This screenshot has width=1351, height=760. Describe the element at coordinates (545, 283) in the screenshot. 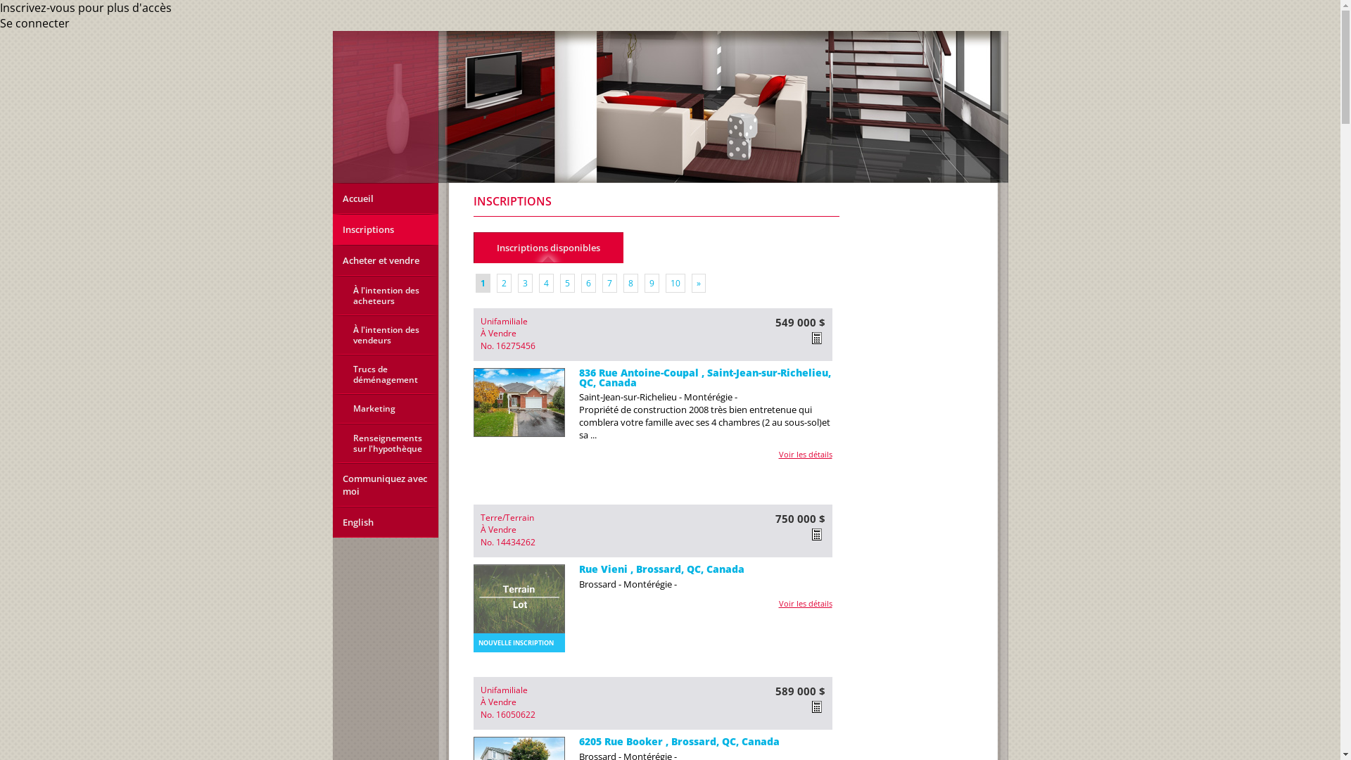

I see `'4'` at that location.